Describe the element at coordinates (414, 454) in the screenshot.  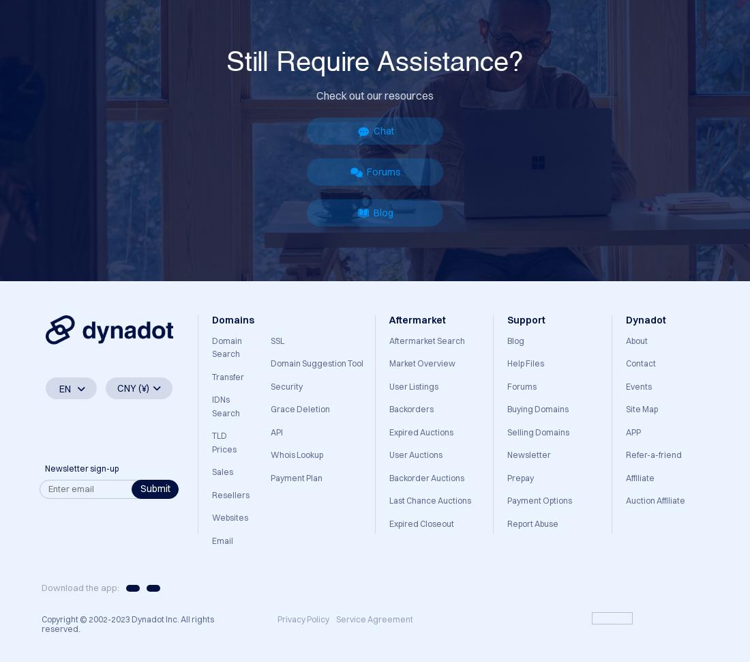
I see `'User Auctions'` at that location.